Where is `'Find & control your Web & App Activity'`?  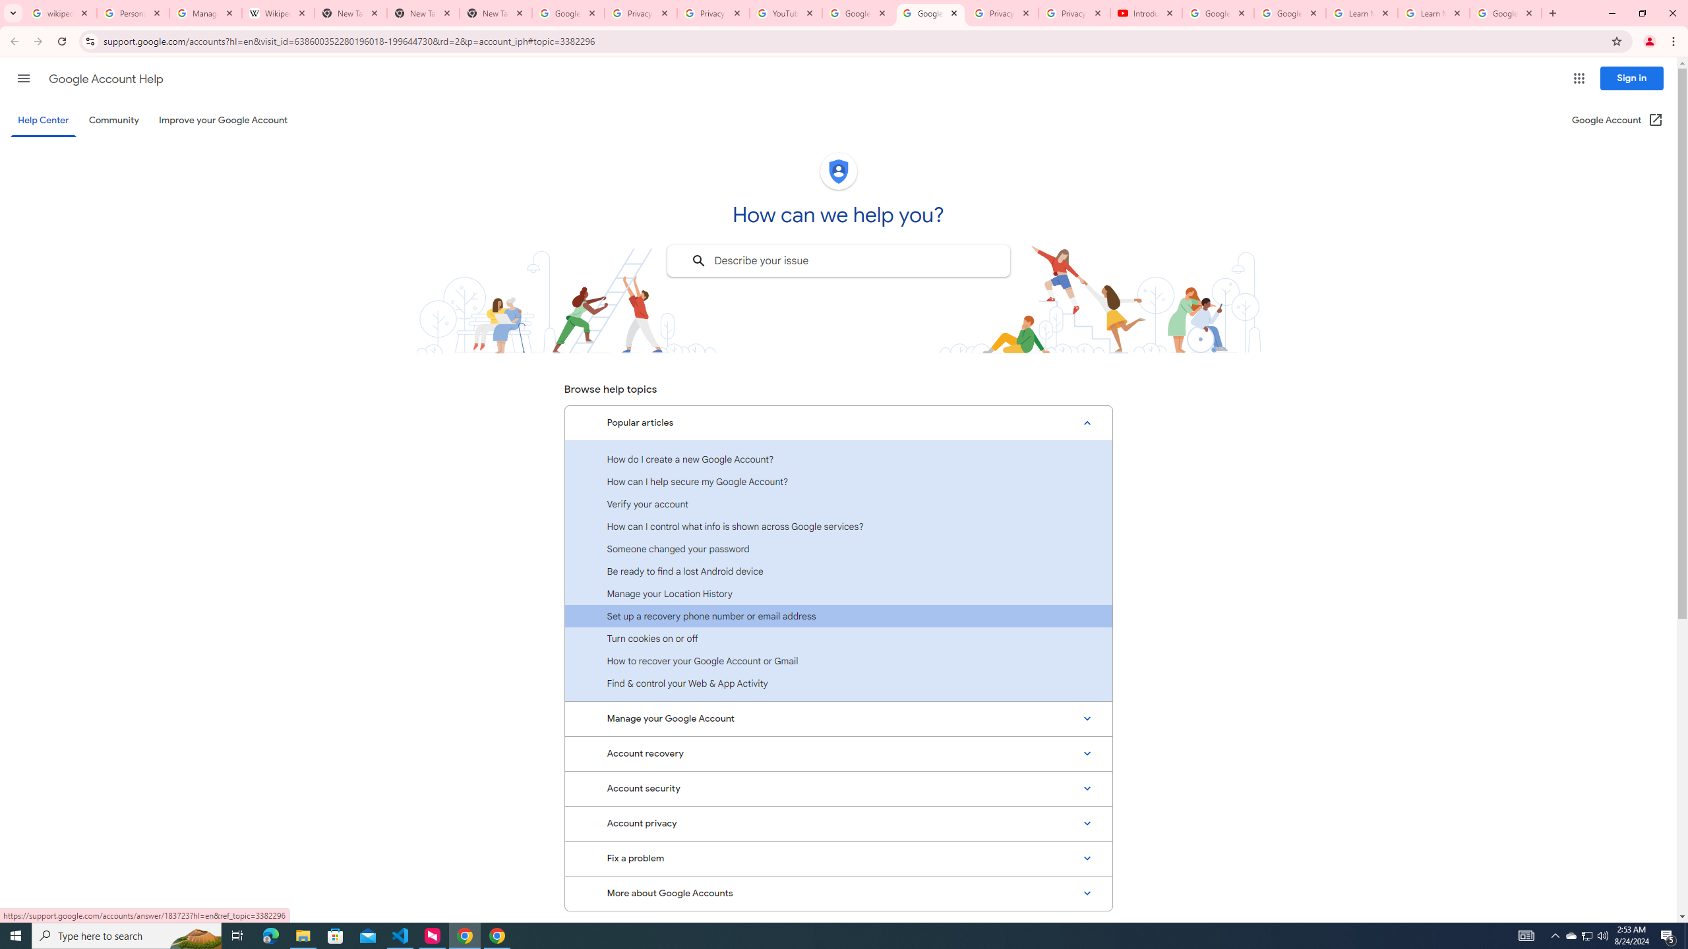 'Find & control your Web & App Activity' is located at coordinates (838, 682).